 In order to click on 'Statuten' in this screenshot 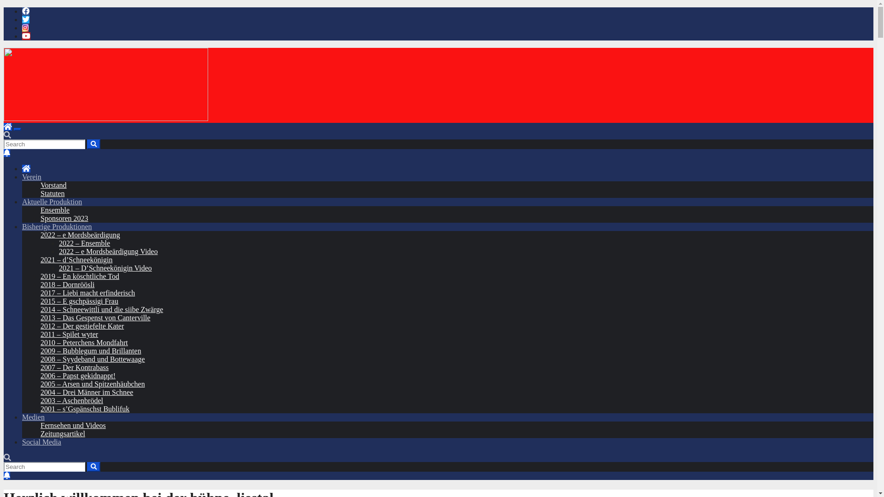, I will do `click(52, 193)`.